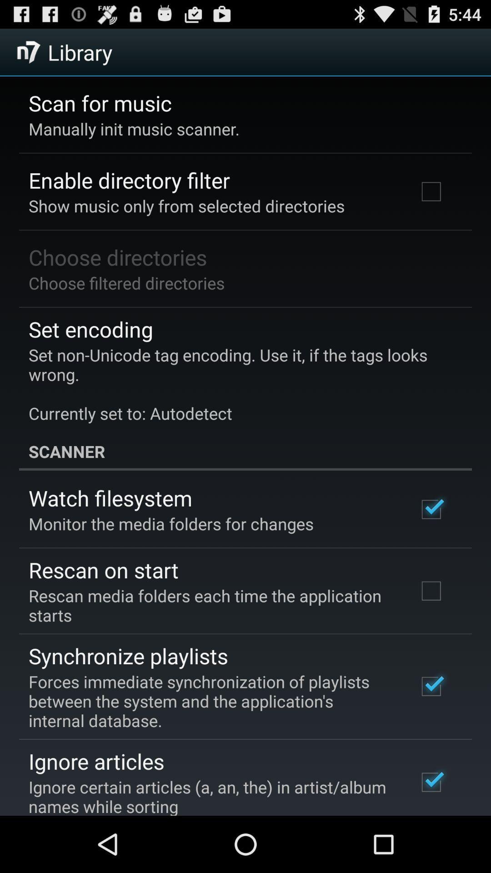 This screenshot has height=873, width=491. I want to click on show music only, so click(186, 205).